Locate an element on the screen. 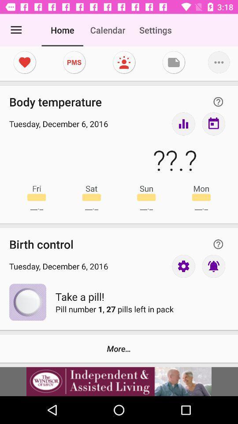 The width and height of the screenshot is (238, 424). quiton mark is located at coordinates (218, 244).